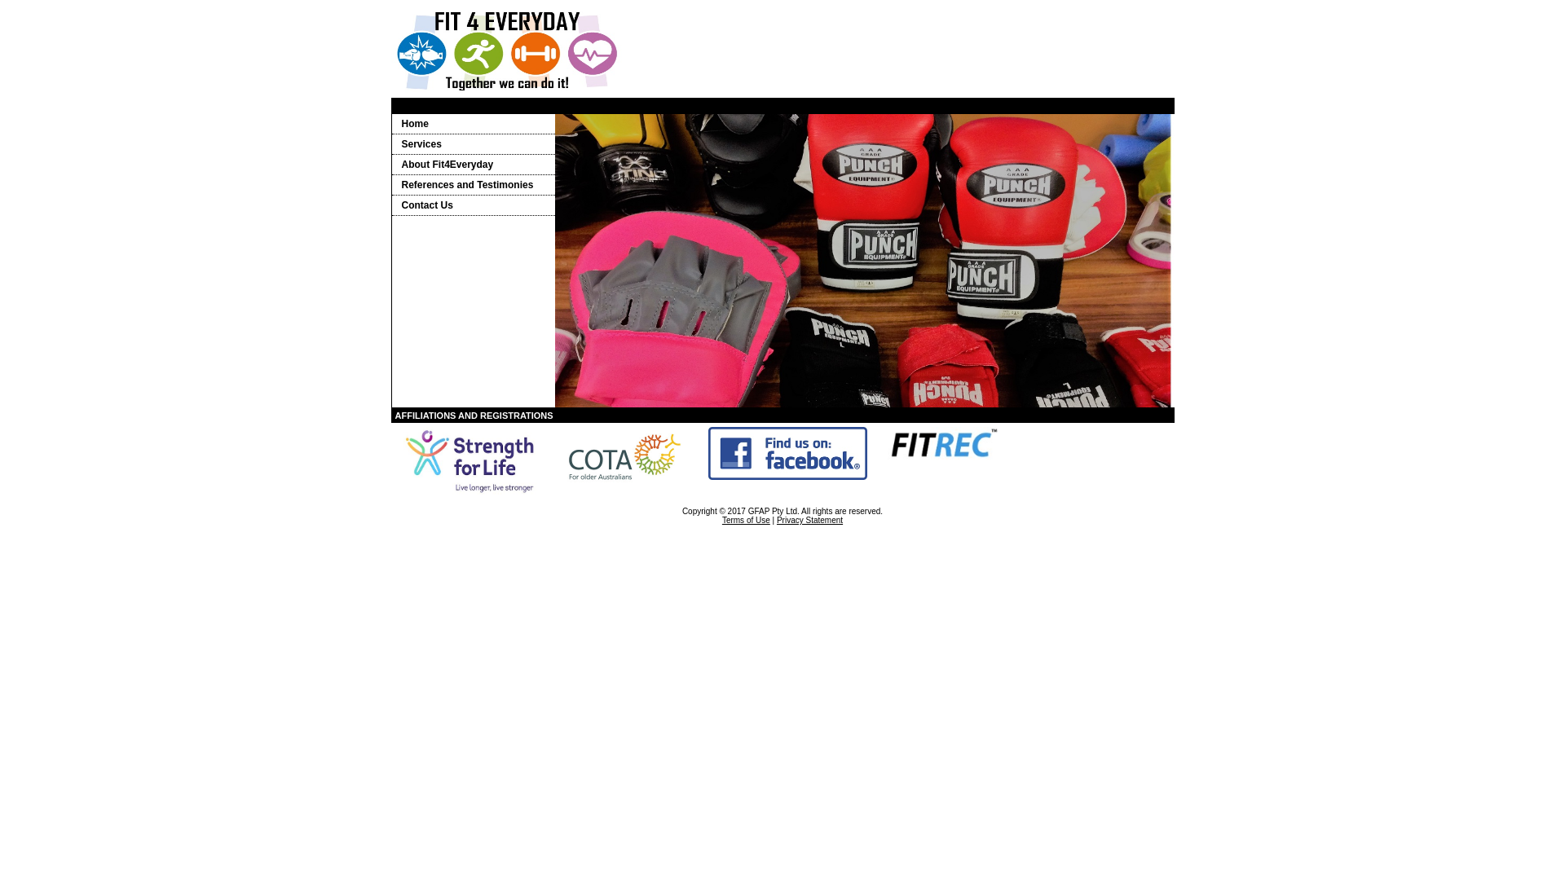 The image size is (1565, 880). I want to click on 'Services', so click(472, 143).